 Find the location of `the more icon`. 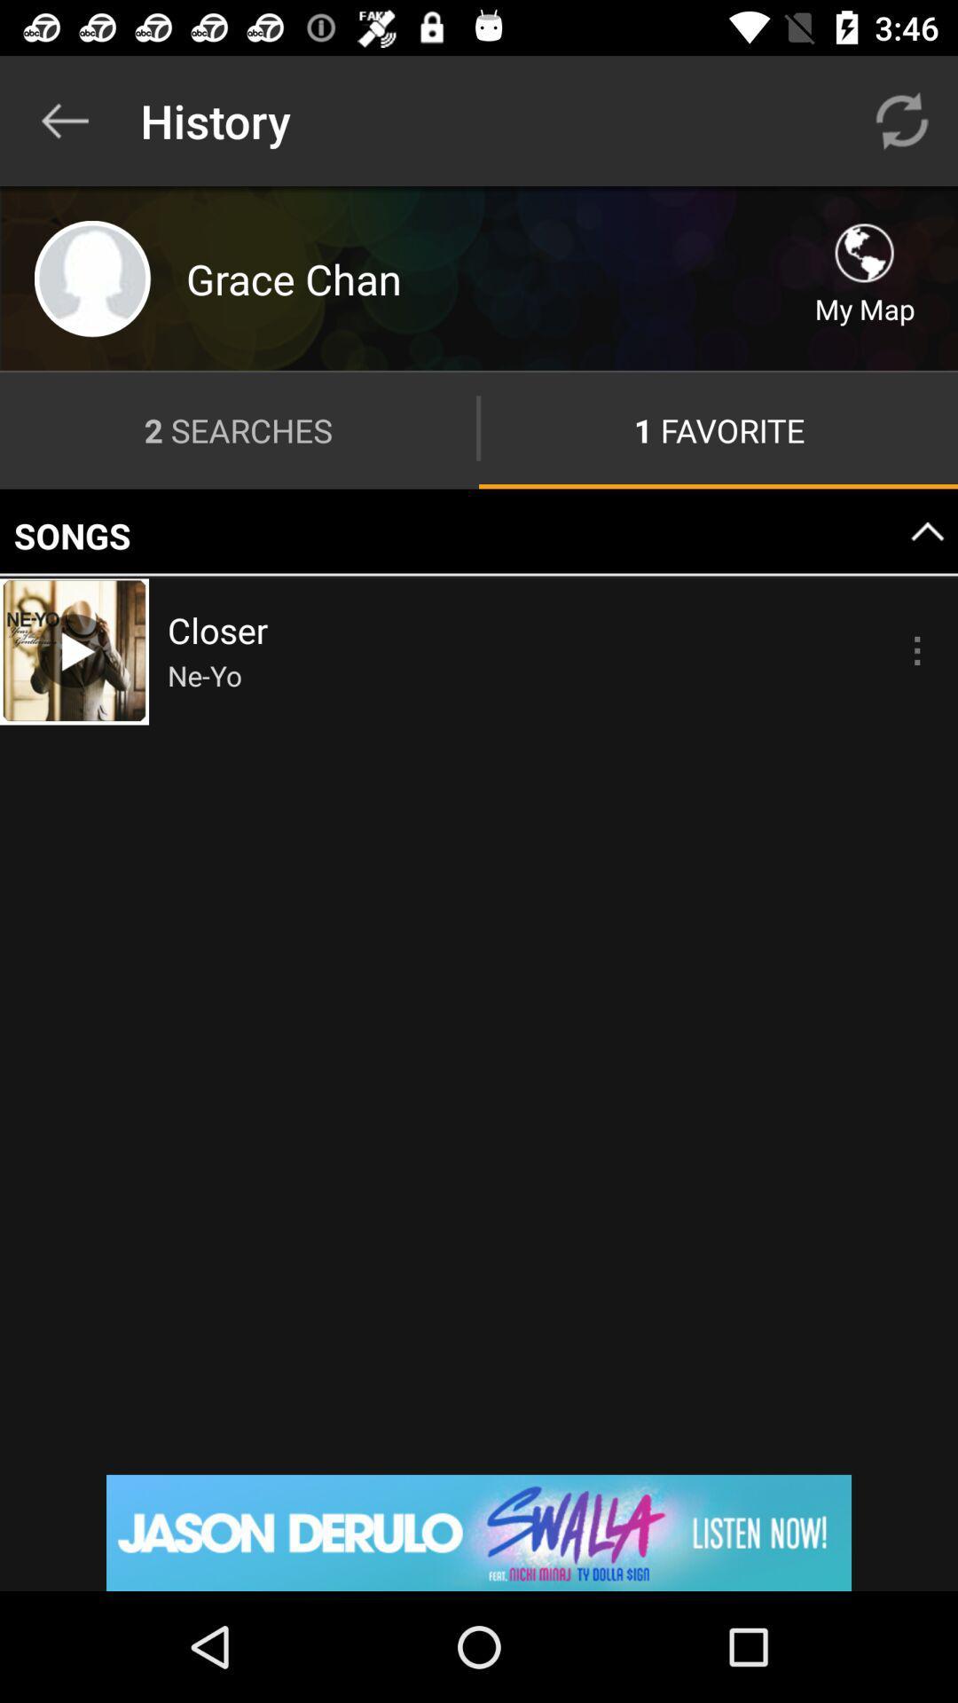

the more icon is located at coordinates (916, 649).